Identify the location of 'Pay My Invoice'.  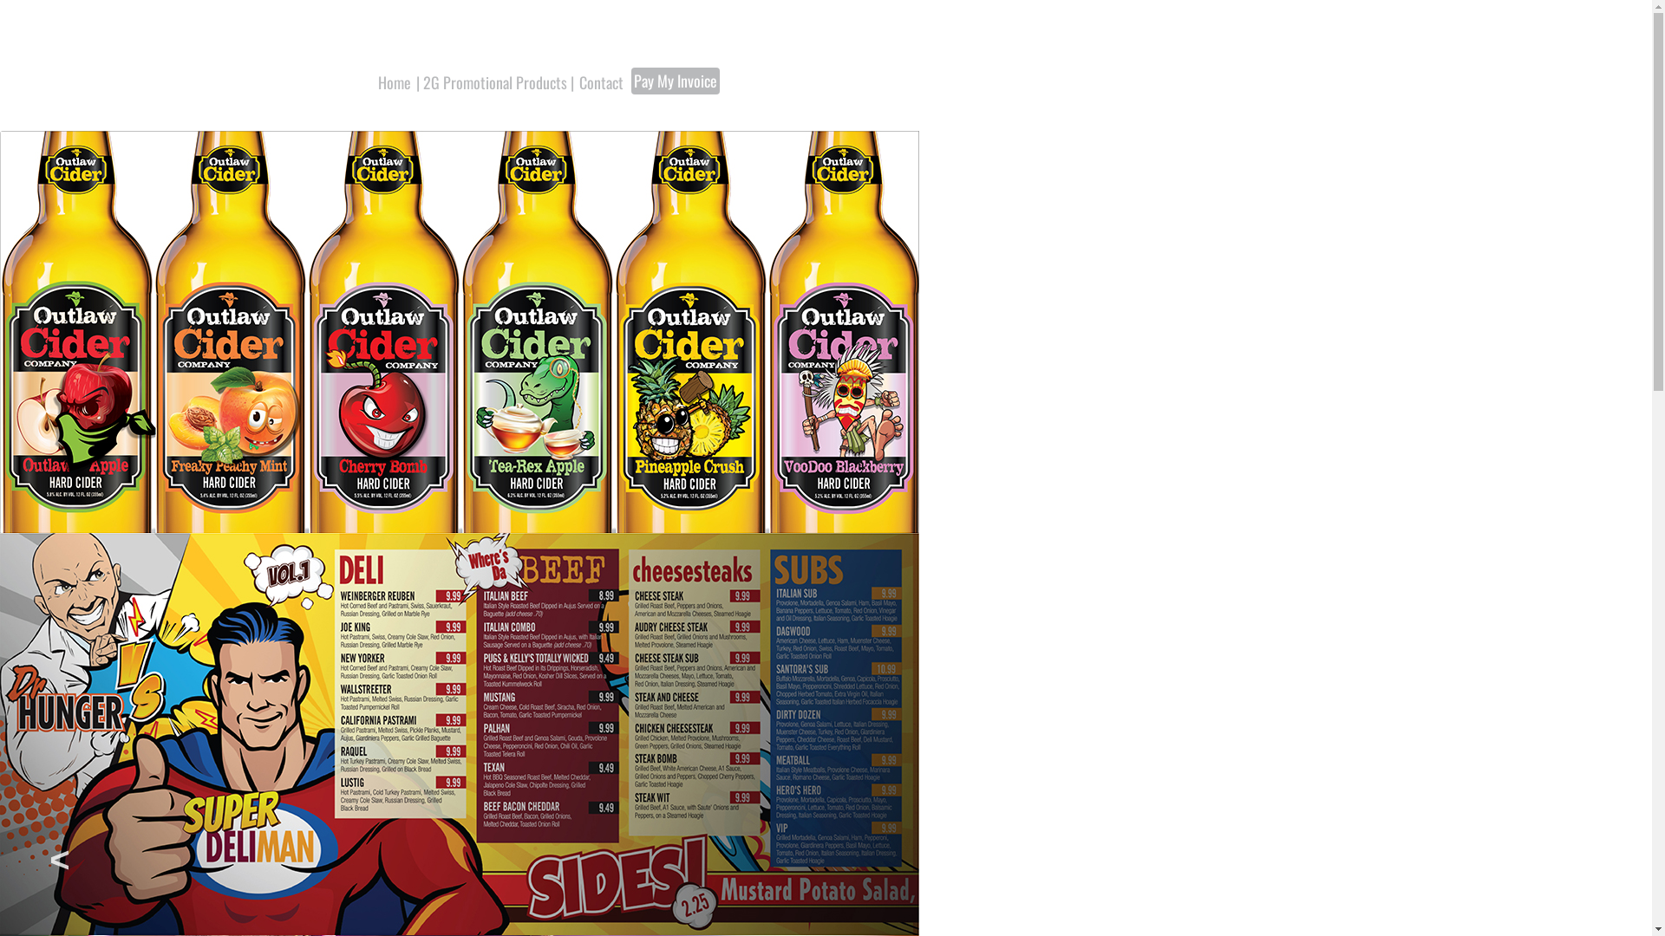
(674, 81).